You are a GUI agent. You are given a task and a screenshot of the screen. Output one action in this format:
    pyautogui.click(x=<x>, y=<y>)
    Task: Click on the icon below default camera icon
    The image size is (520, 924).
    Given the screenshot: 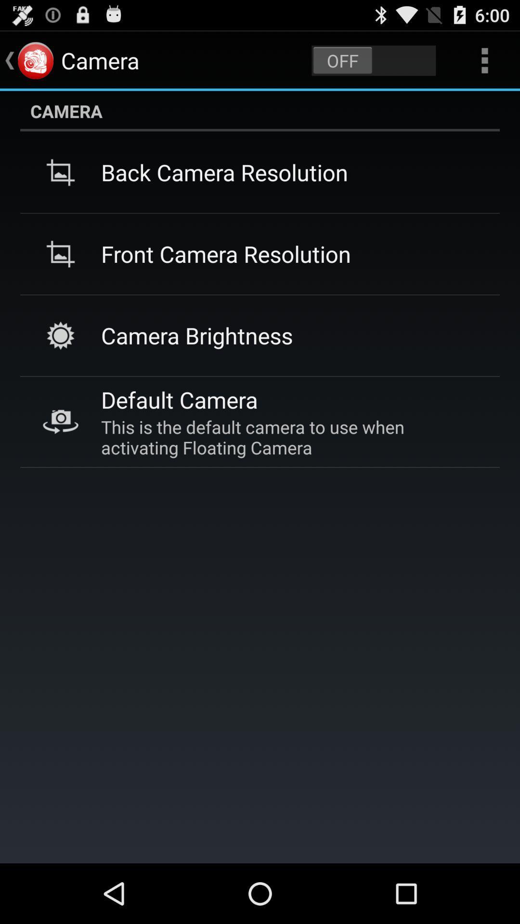 What is the action you would take?
    pyautogui.click(x=288, y=436)
    